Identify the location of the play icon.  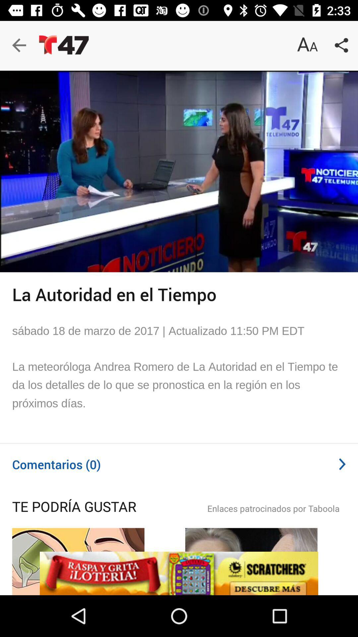
(27, 253).